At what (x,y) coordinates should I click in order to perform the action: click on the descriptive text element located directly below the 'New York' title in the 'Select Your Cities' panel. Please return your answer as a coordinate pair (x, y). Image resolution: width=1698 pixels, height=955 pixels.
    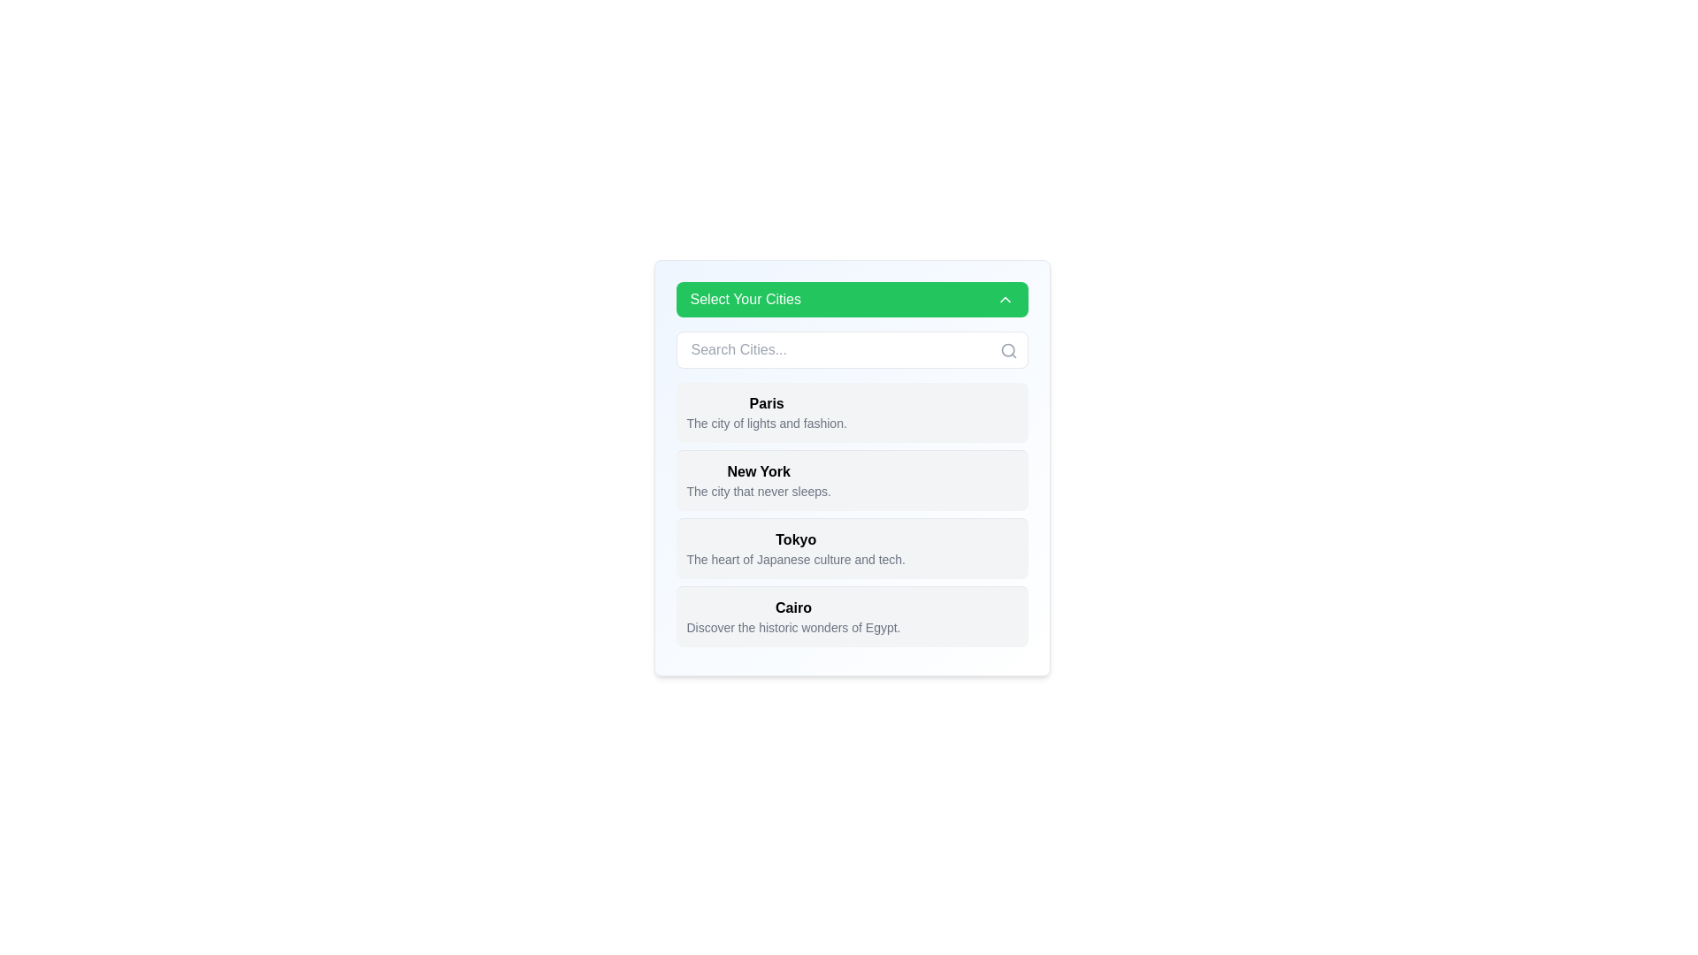
    Looking at the image, I should click on (759, 491).